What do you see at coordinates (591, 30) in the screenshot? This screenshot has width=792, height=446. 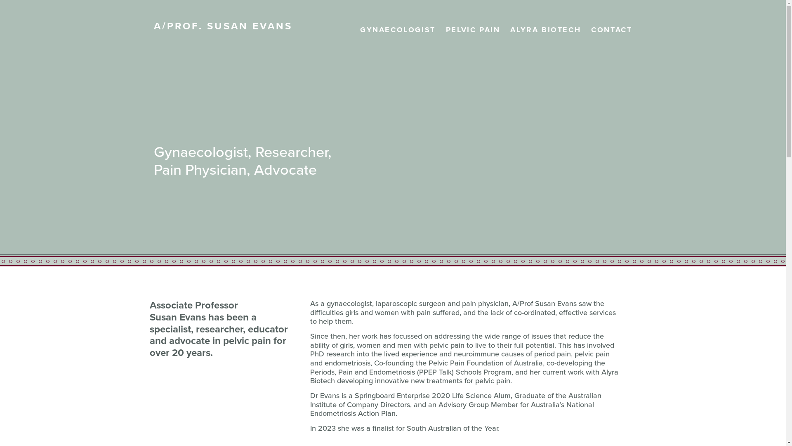 I see `'CONTACT'` at bounding box center [591, 30].